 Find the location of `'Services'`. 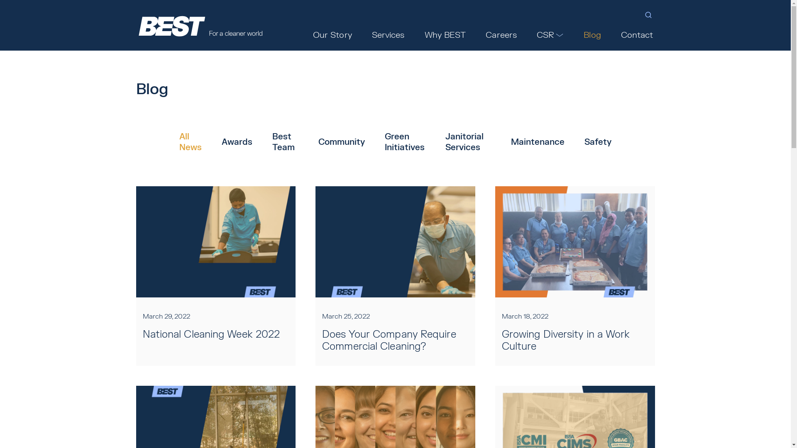

'Services' is located at coordinates (370, 34).